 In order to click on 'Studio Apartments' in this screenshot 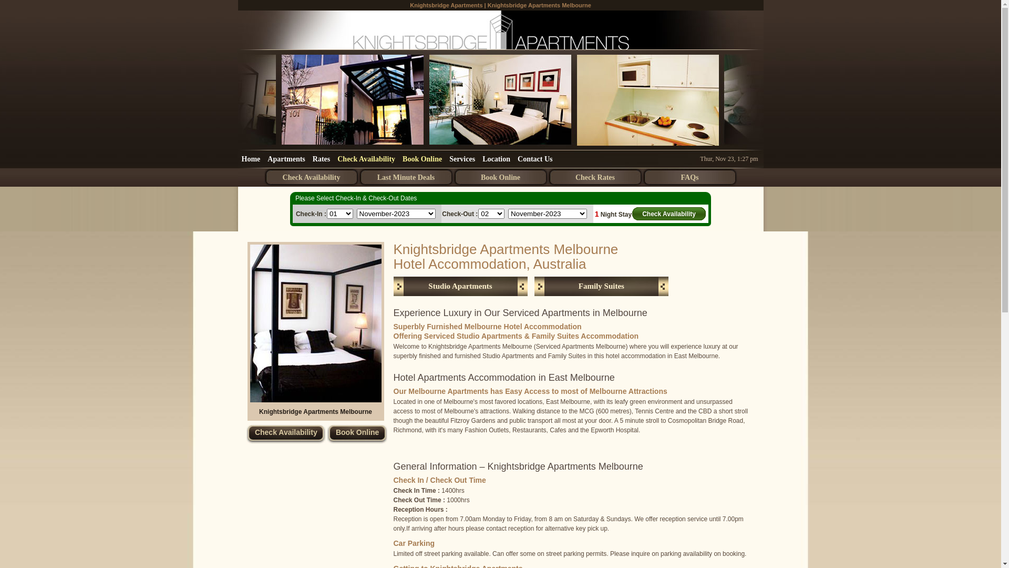, I will do `click(460, 286)`.